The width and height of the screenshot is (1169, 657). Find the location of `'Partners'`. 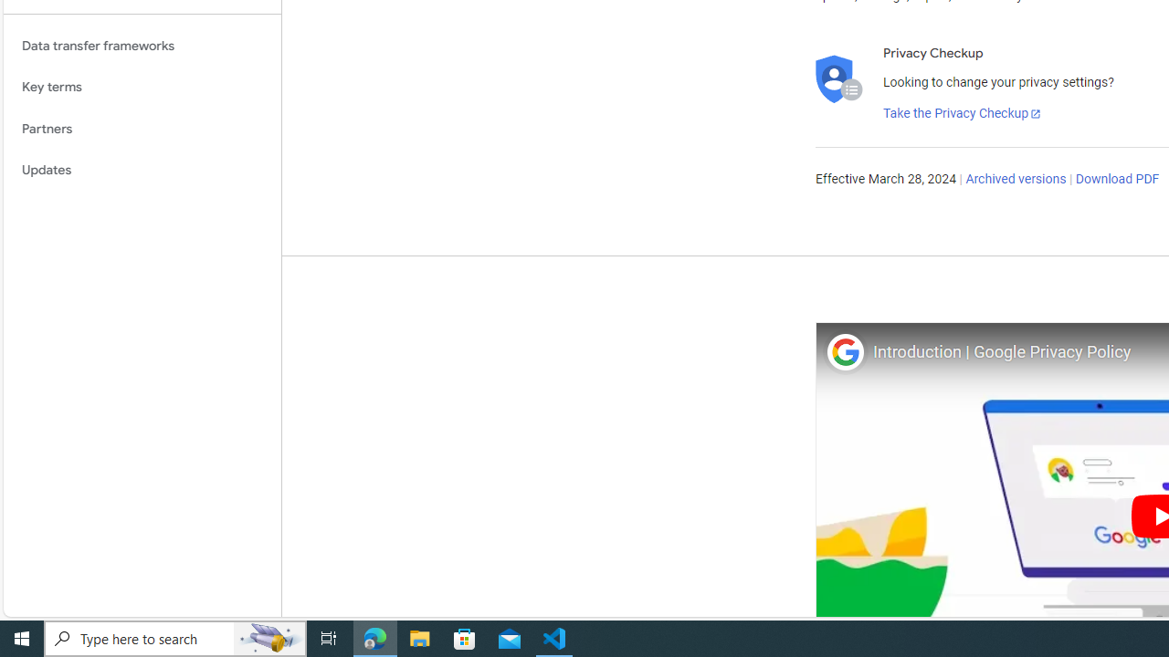

'Partners' is located at coordinates (142, 128).